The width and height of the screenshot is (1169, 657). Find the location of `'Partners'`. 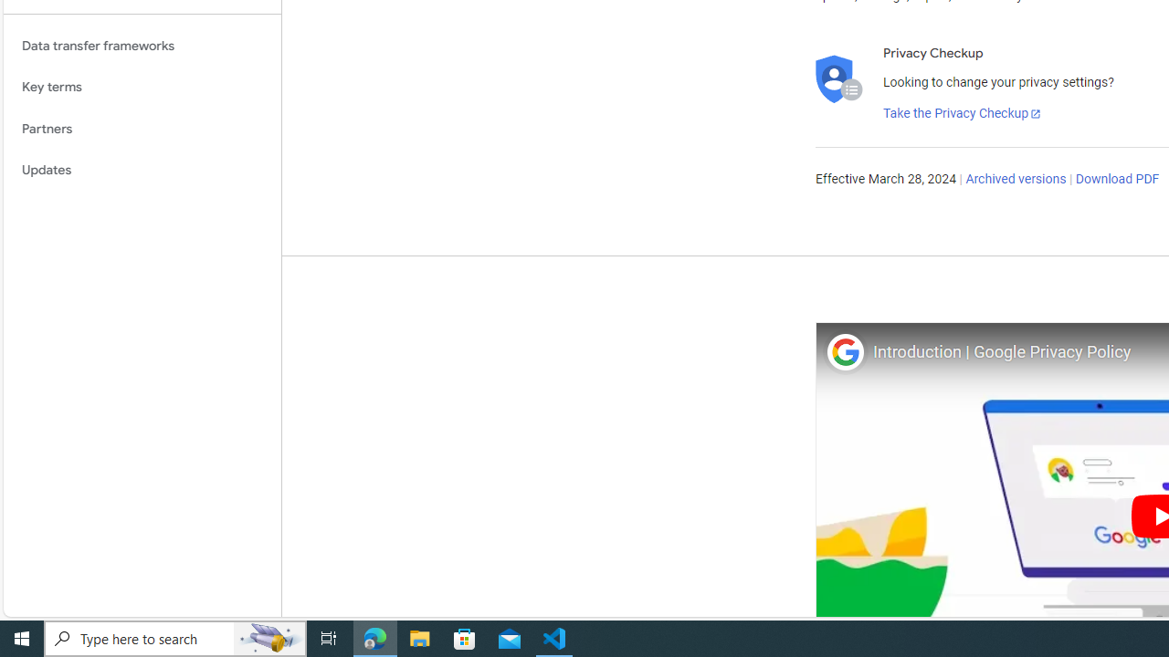

'Partners' is located at coordinates (142, 128).